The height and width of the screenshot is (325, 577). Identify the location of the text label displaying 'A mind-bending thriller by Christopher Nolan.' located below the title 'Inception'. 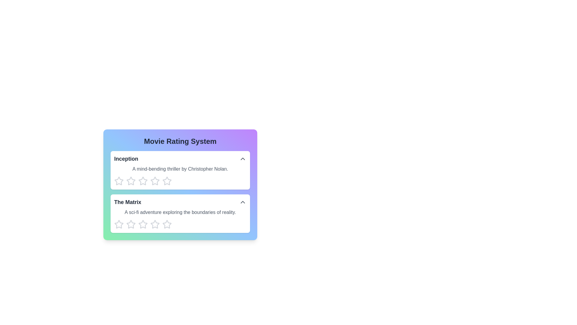
(180, 169).